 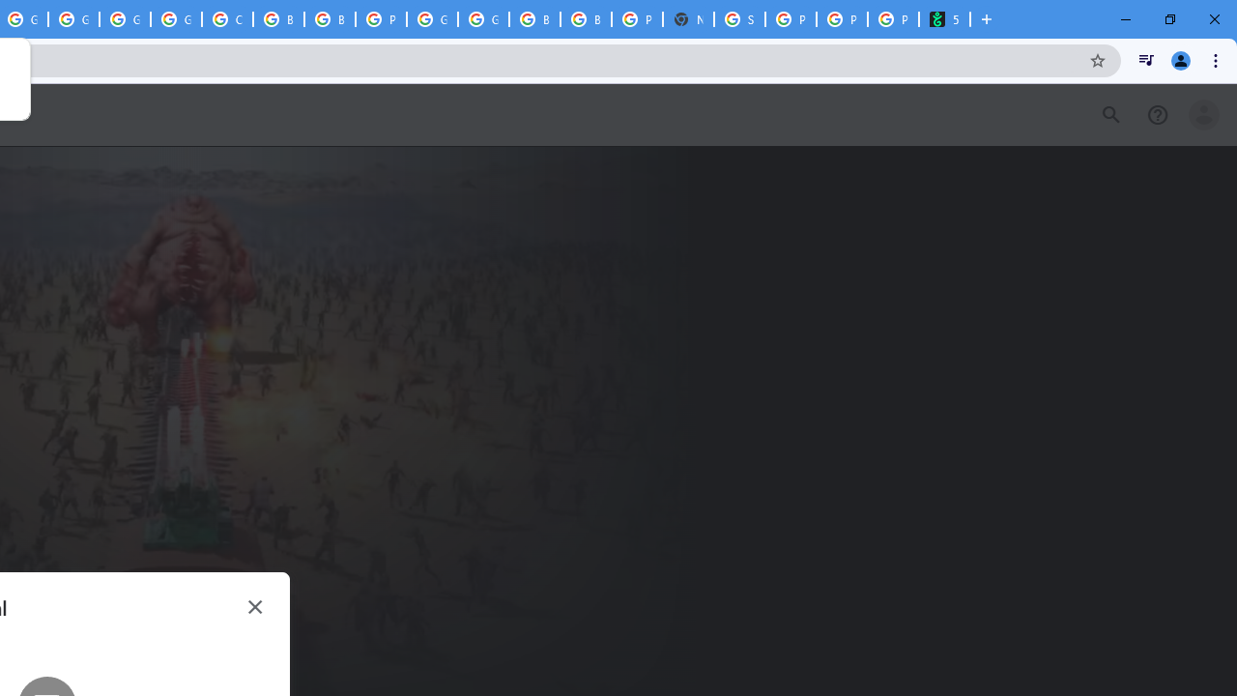 What do you see at coordinates (483, 19) in the screenshot?
I see `'Google Cloud Platform'` at bounding box center [483, 19].